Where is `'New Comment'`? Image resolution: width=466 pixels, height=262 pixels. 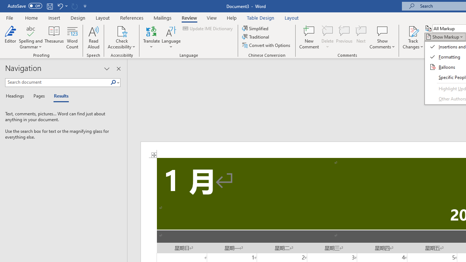
'New Comment' is located at coordinates (309, 37).